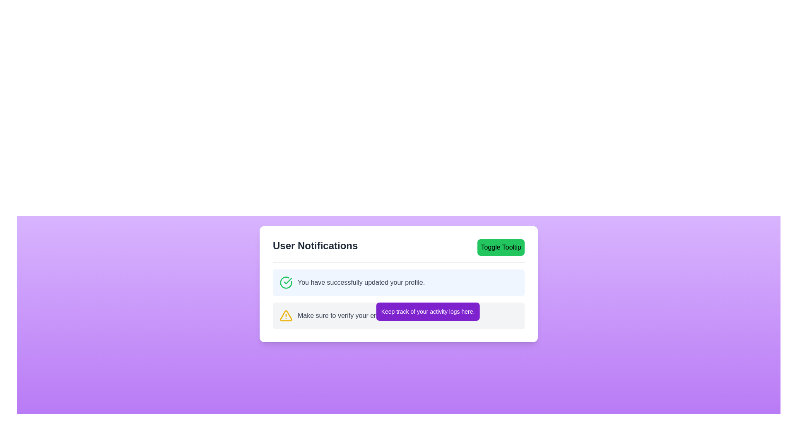 Image resolution: width=795 pixels, height=447 pixels. I want to click on the successful action indicator icon located on the left side of the text 'You have successfully updated your profile.' within the notification card, so click(288, 280).